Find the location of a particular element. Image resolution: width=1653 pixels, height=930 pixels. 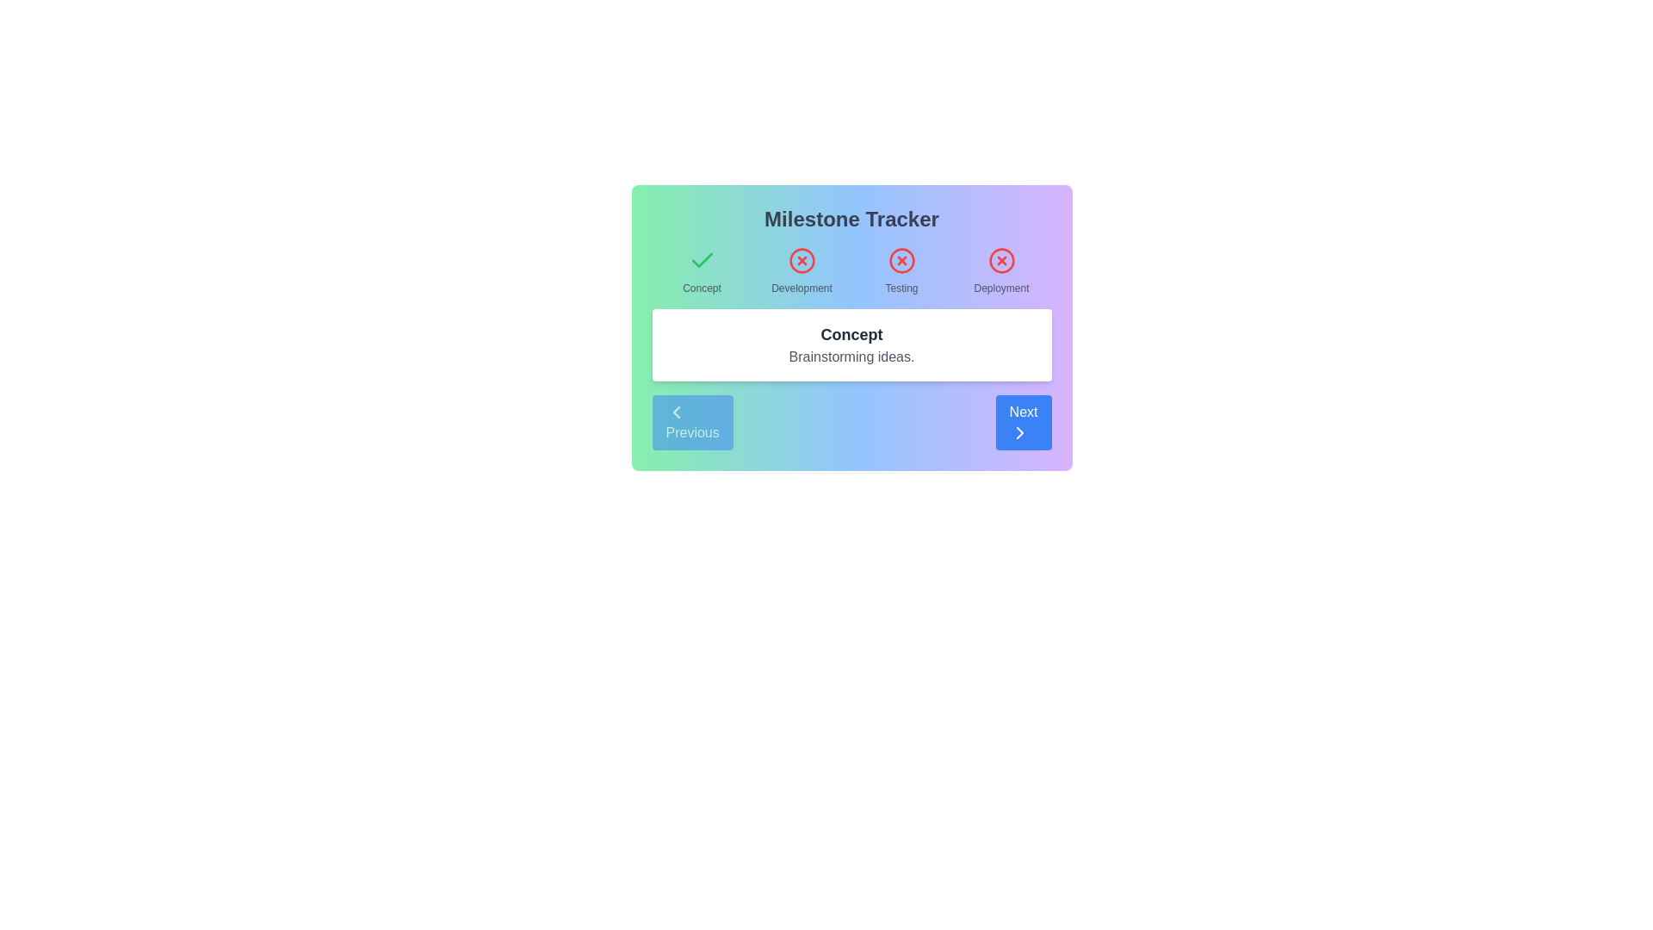

text header labeled 'Milestone Tracker', which is styled with bold, large font and centered alignment, located at the top center of the gradient background interface is located at coordinates (851, 218).